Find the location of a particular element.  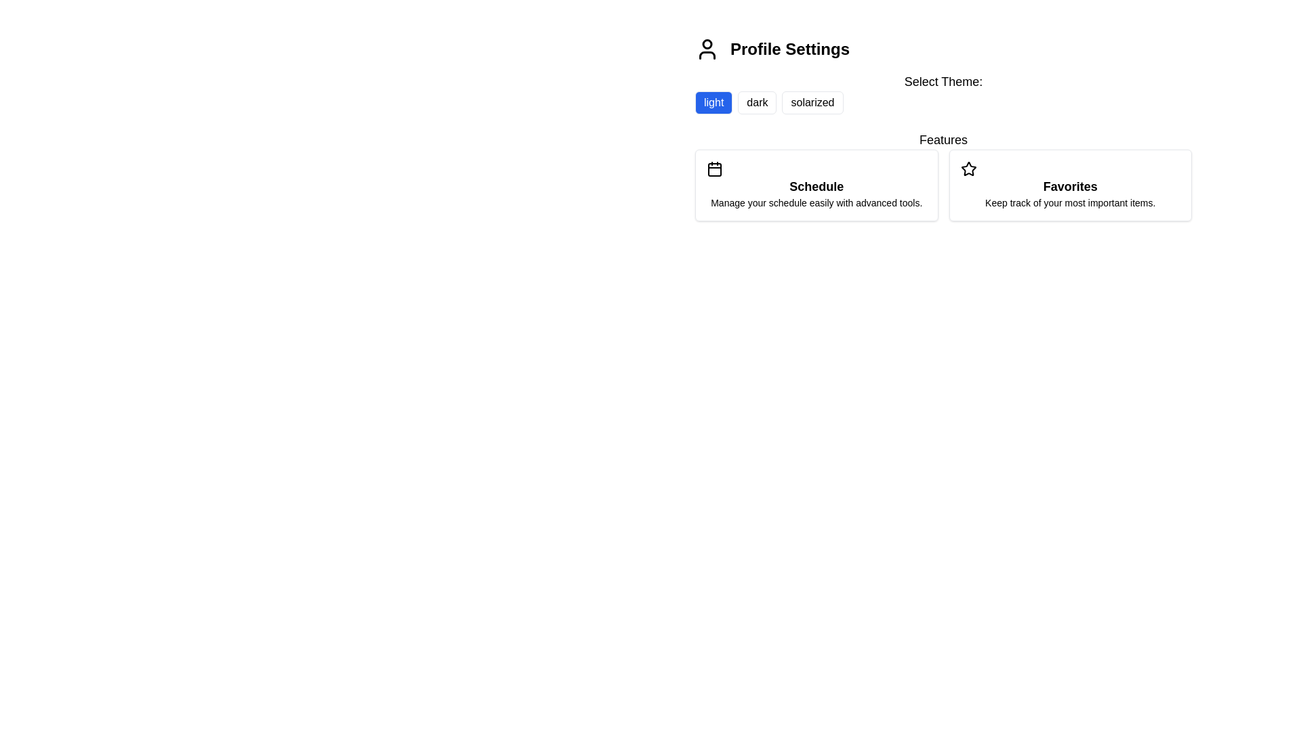

the static label that displays the text 'Select Theme:', which is positioned at the top of the page above the selectable theme buttons is located at coordinates (943, 81).